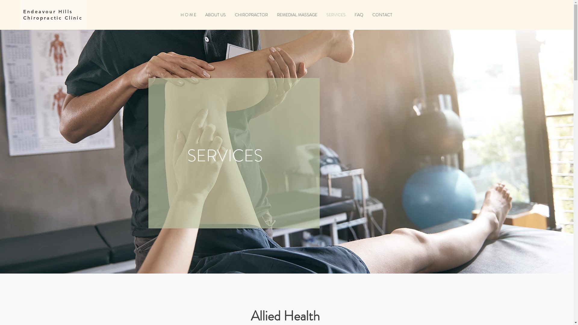 The height and width of the screenshot is (325, 578). What do you see at coordinates (368, 14) in the screenshot?
I see `'CONTACT'` at bounding box center [368, 14].